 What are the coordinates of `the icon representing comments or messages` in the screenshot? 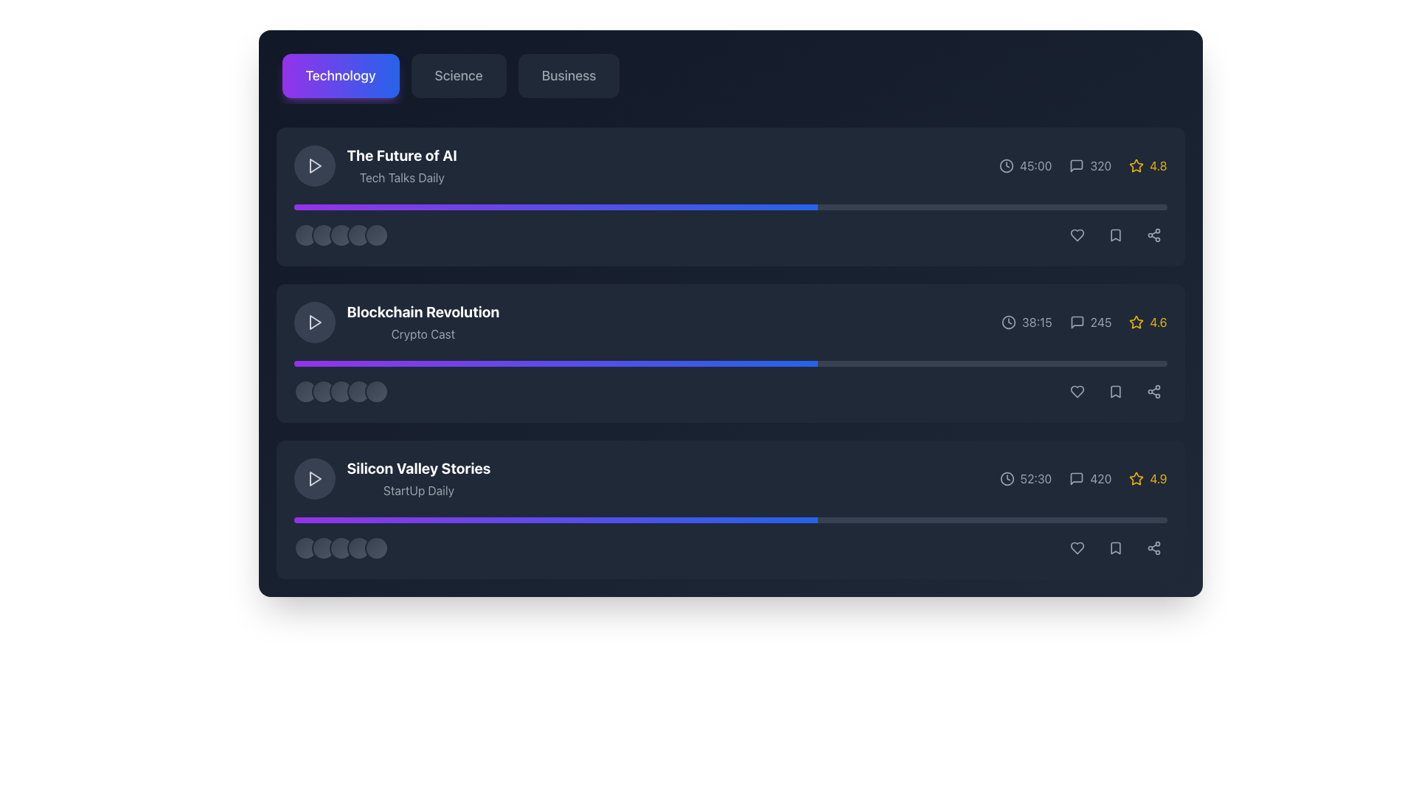 It's located at (1077, 478).